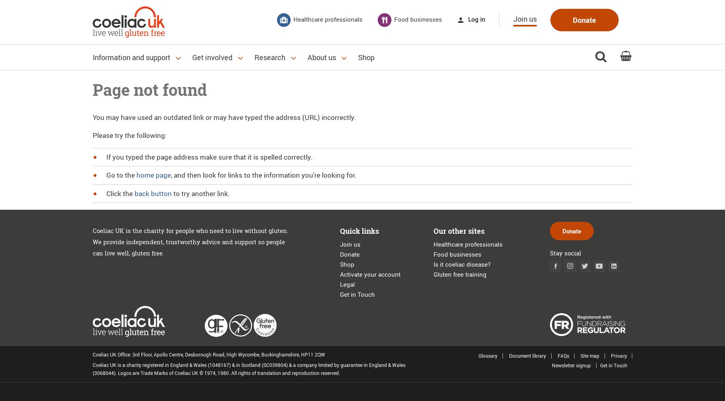 The image size is (725, 401). I want to click on 'Quick links', so click(359, 230).